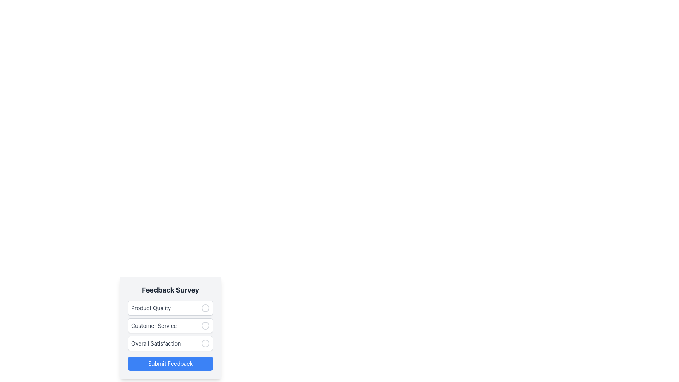  I want to click on the 'Product Quality' text label in the first row of survey options for the feedback form, so click(151, 308).